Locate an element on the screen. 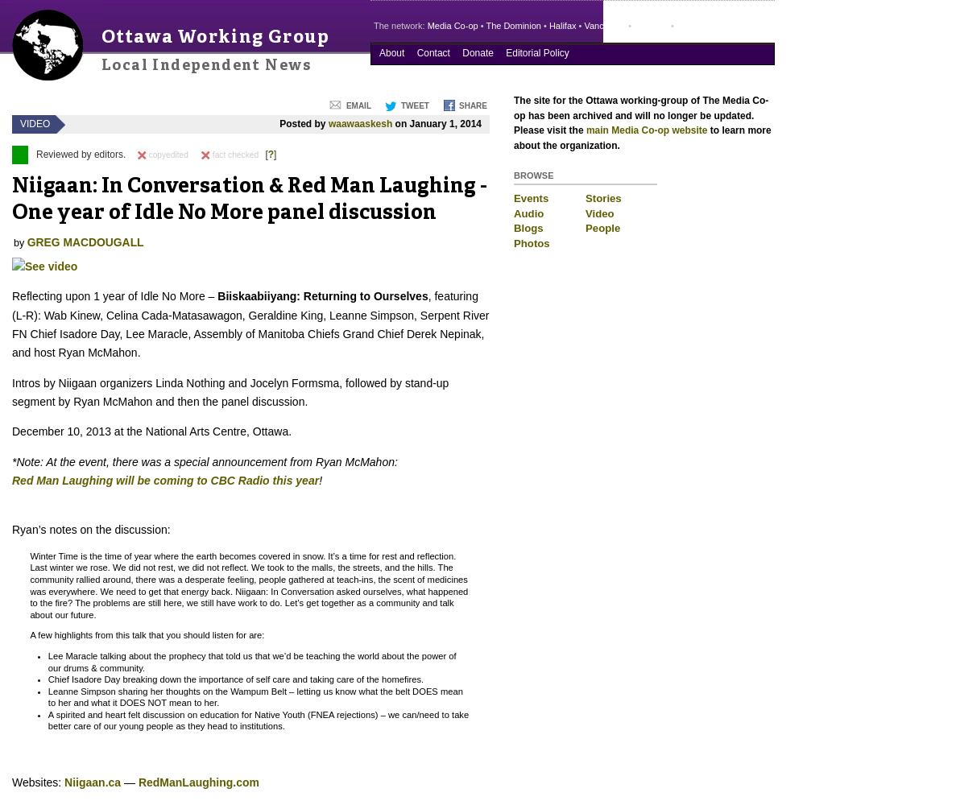 This screenshot has width=956, height=805. 'Halifax' is located at coordinates (561, 26).